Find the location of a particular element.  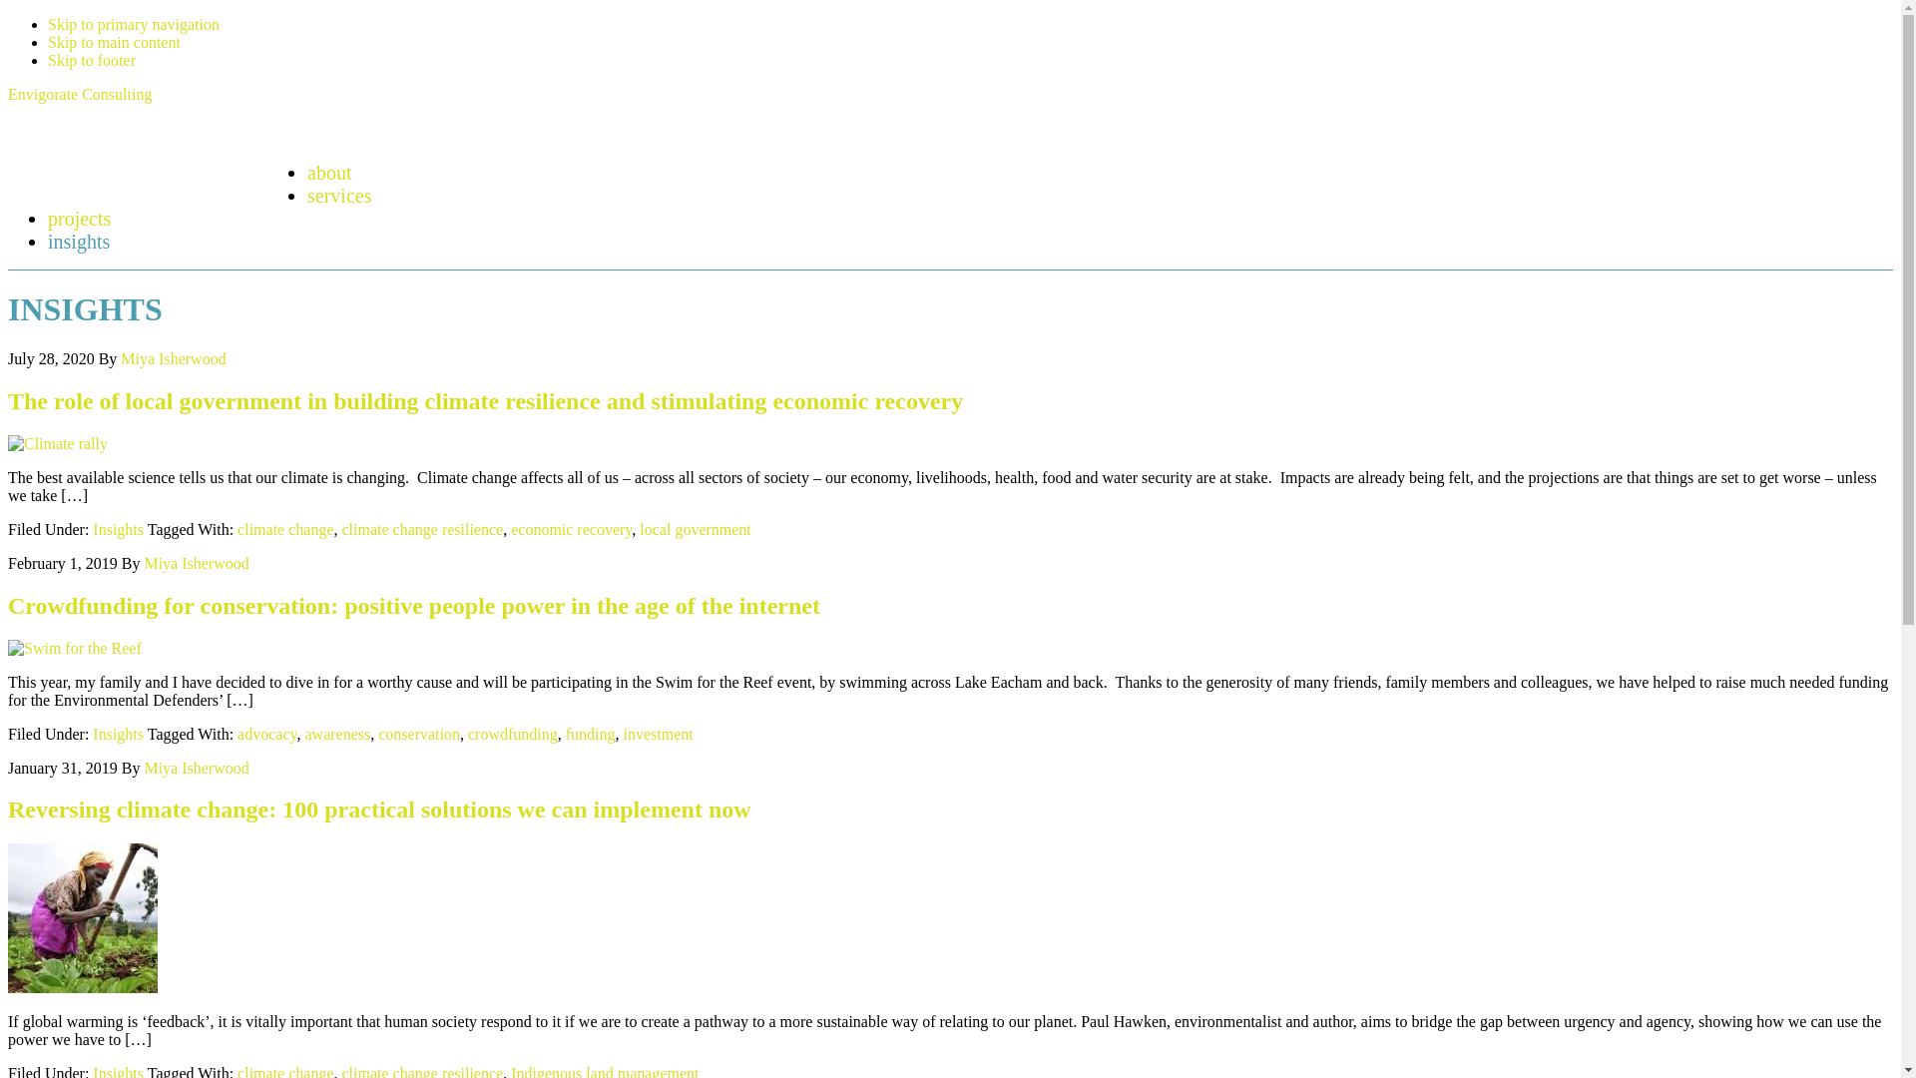

'about' is located at coordinates (329, 172).